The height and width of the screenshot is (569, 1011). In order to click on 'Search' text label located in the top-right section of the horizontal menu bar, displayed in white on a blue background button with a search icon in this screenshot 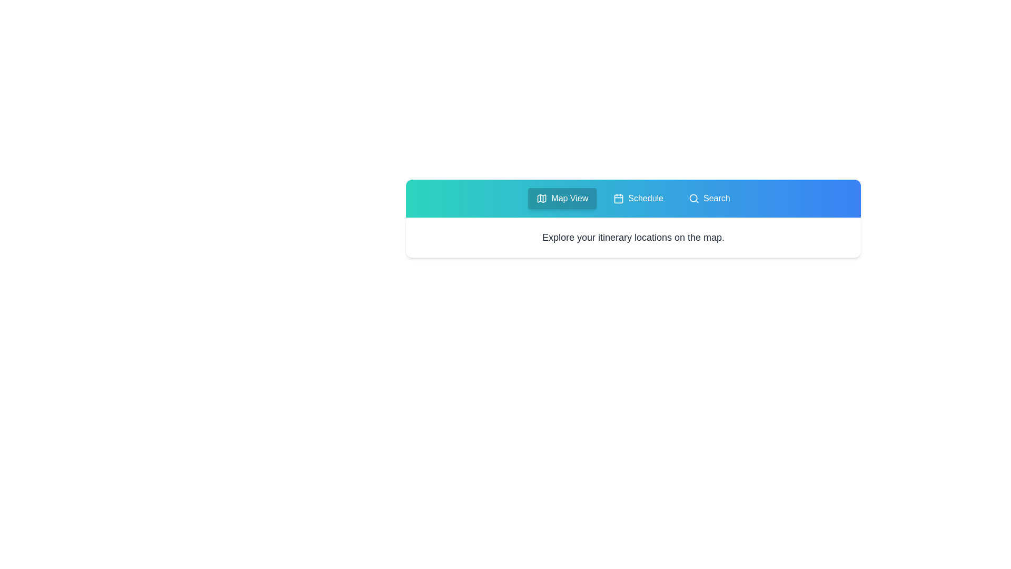, I will do `click(716, 199)`.